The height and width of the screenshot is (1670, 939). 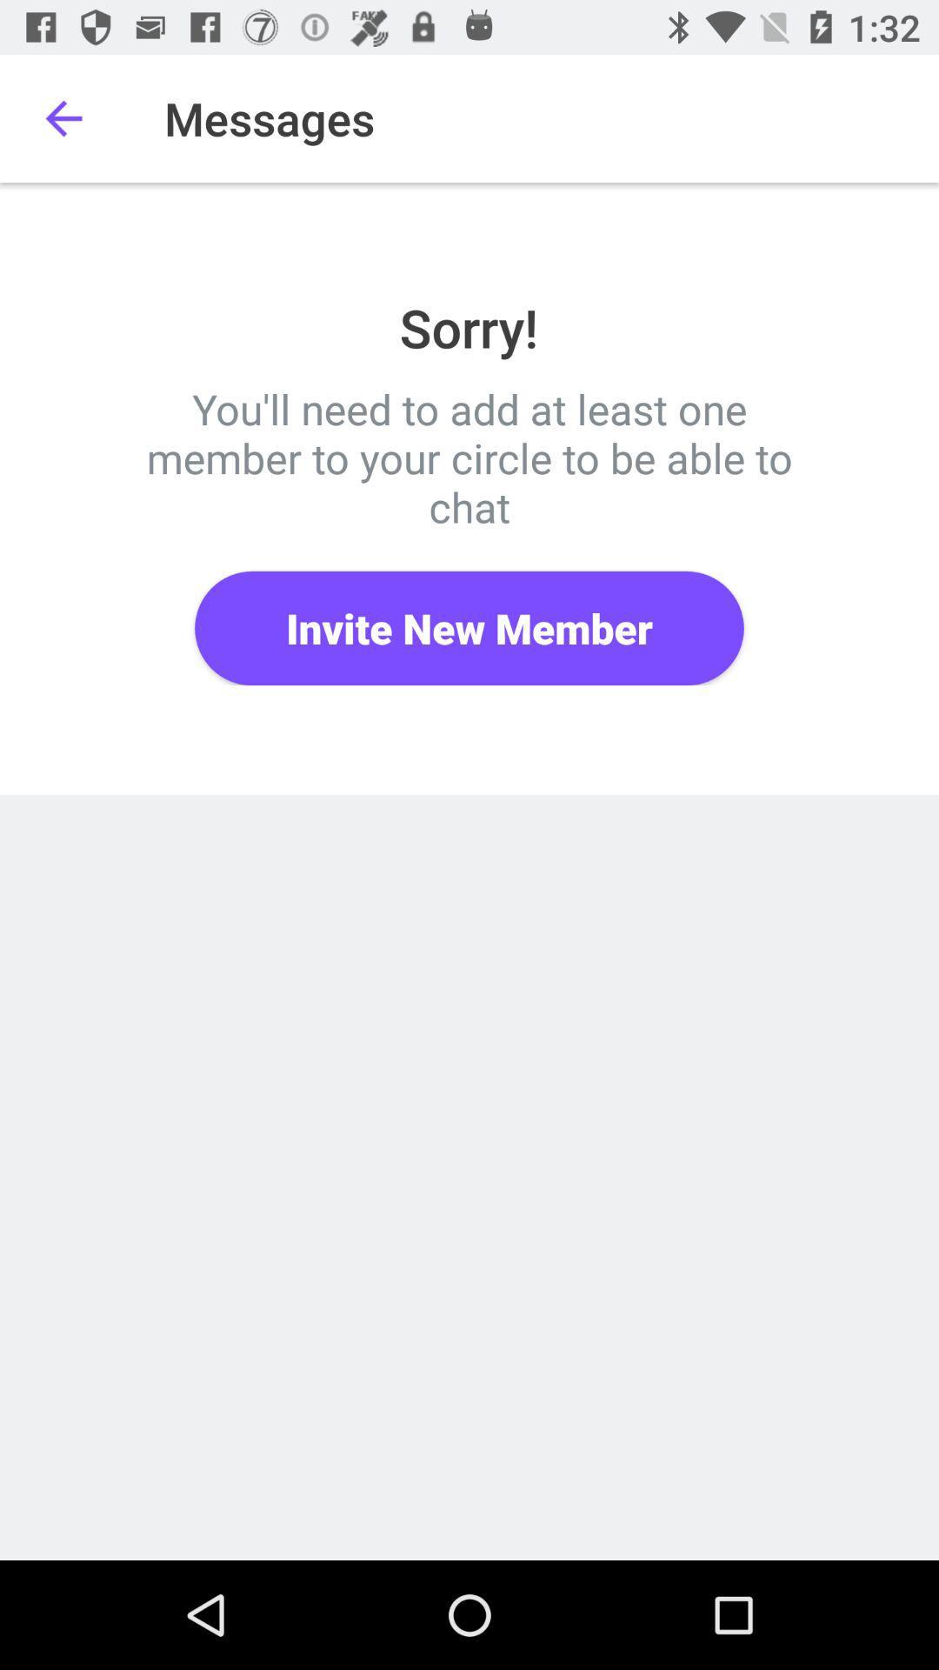 What do you see at coordinates (469, 627) in the screenshot?
I see `icon below you ll need icon` at bounding box center [469, 627].